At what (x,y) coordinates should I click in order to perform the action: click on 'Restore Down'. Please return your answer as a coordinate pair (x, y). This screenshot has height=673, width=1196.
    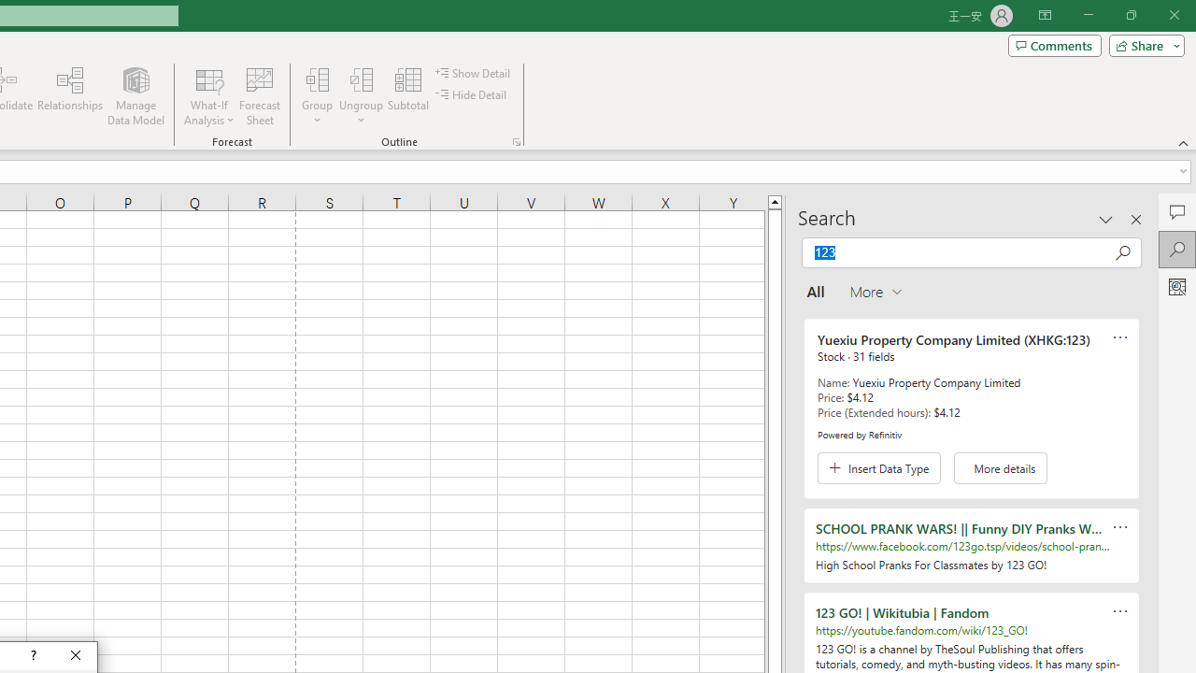
    Looking at the image, I should click on (1130, 15).